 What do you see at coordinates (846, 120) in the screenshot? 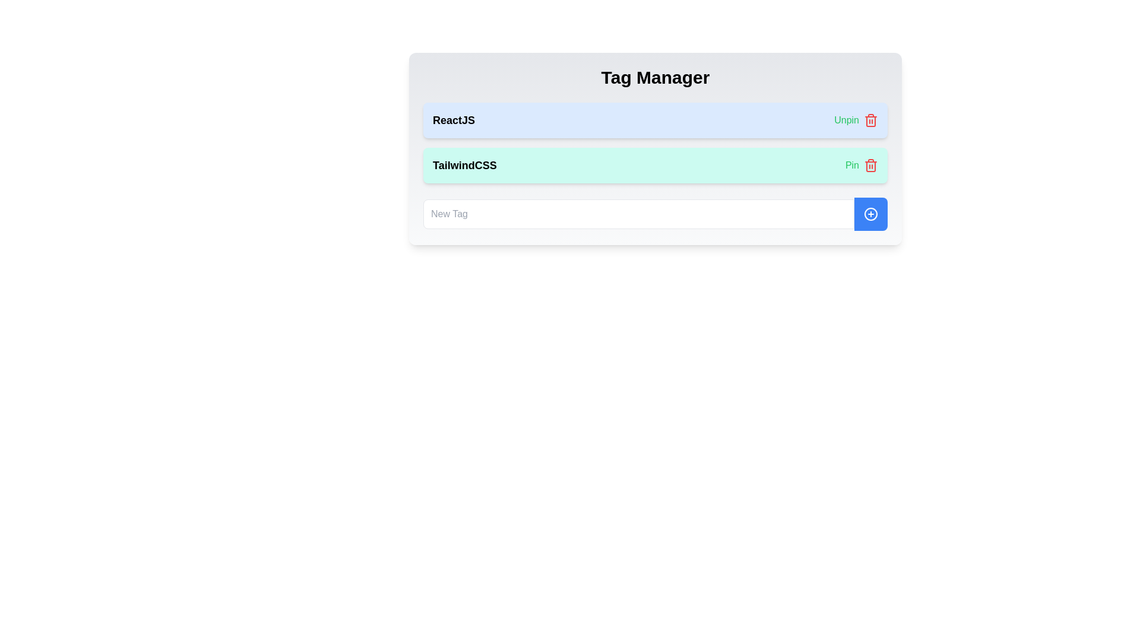
I see `the green 'Unpin' text link located near the top-right corner of the background section containing the 'ReactJS' tag to change its color state` at bounding box center [846, 120].